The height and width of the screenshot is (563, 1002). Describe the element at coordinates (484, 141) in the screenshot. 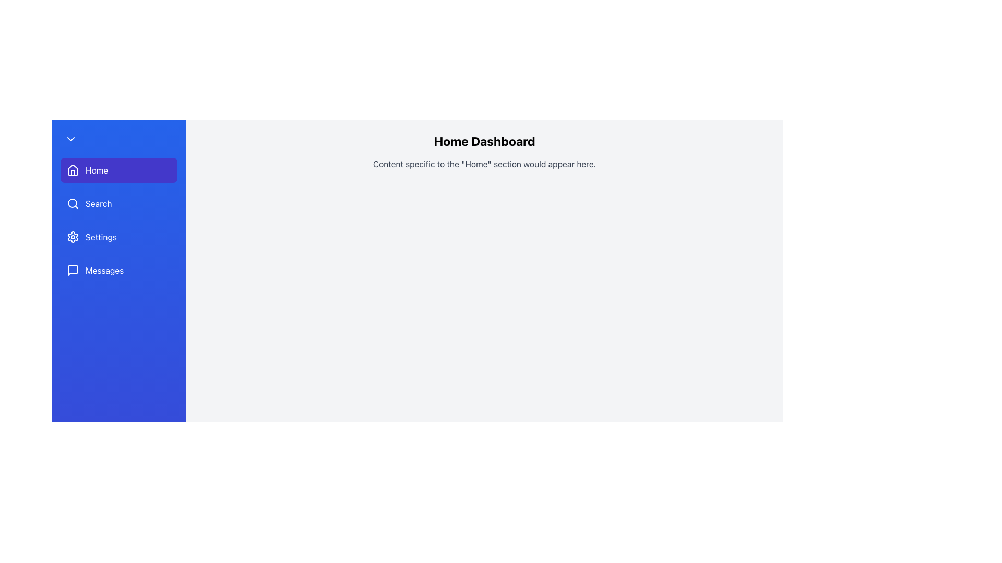

I see `the 'Home' dashboard section text header, which serves as the title for the interface's main content area` at that location.